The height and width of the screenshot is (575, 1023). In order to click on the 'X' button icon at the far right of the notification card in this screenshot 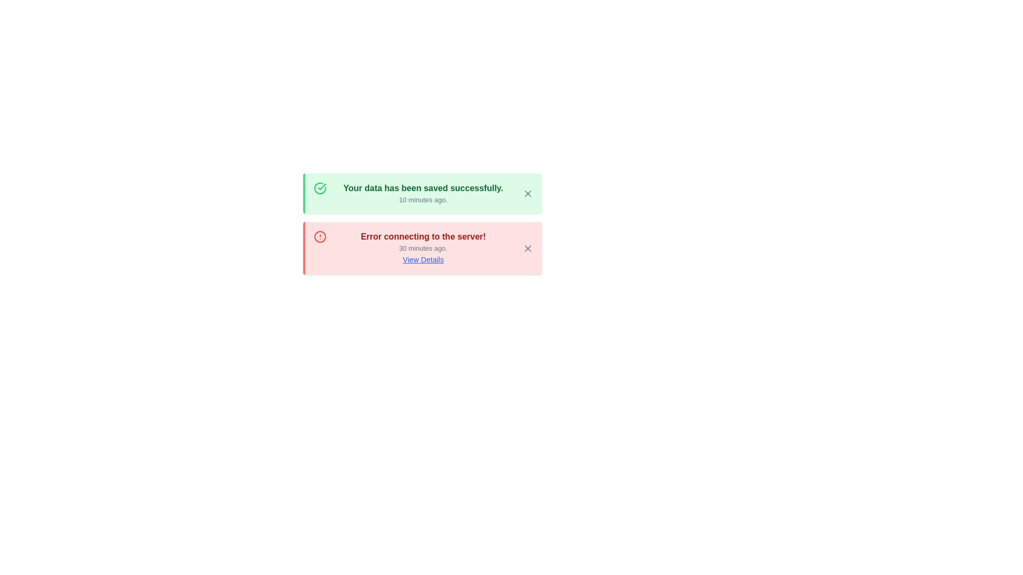, I will do `click(527, 248)`.